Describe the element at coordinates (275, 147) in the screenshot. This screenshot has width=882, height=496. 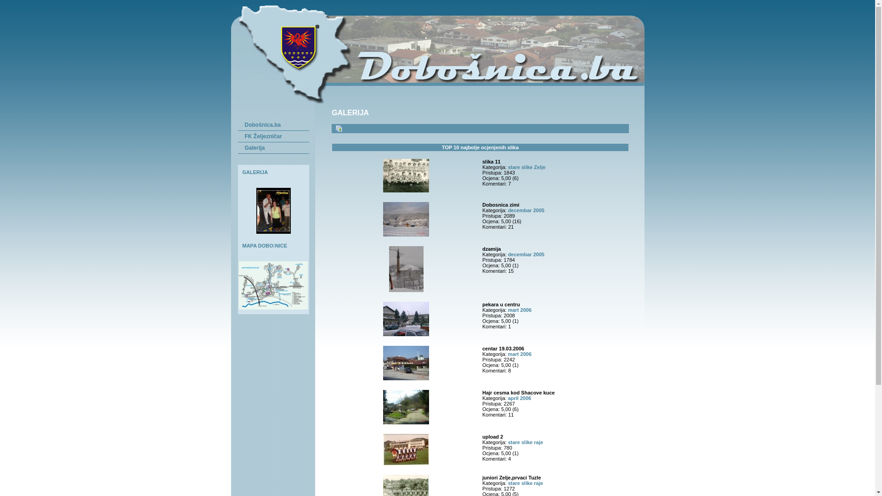
I see `'Galerija'` at that location.